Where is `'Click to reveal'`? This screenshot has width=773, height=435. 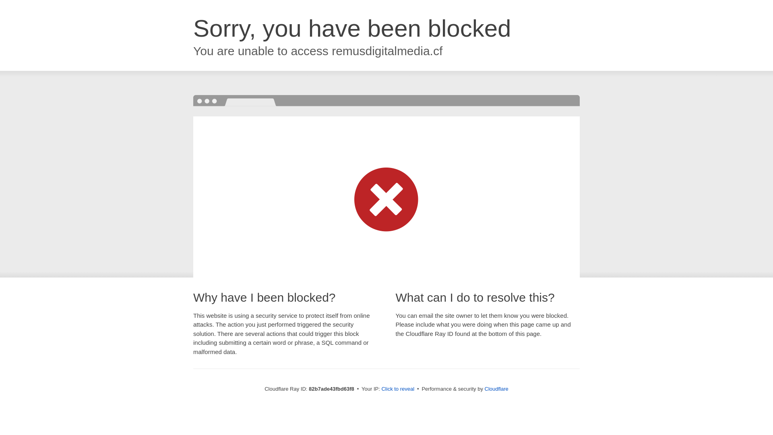 'Click to reveal' is located at coordinates (398, 388).